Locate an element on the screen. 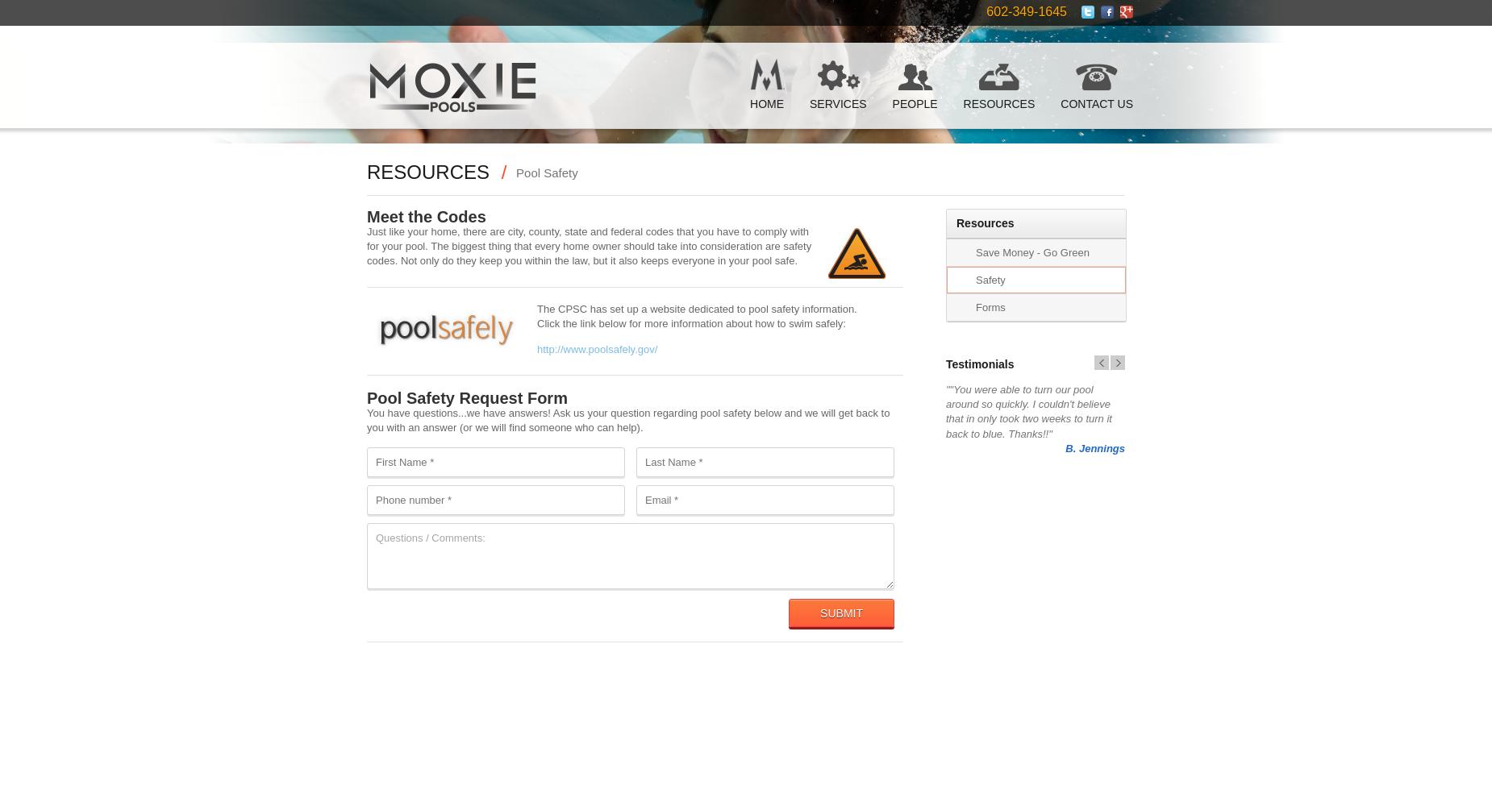 This screenshot has width=1492, height=806. 'Services' is located at coordinates (808, 104).